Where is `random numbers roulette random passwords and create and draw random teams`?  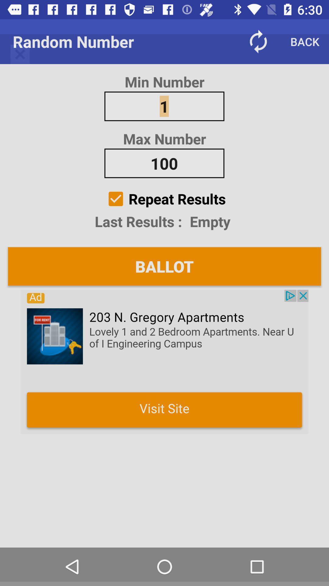
random numbers roulette random passwords and create and draw random teams is located at coordinates (164, 362).